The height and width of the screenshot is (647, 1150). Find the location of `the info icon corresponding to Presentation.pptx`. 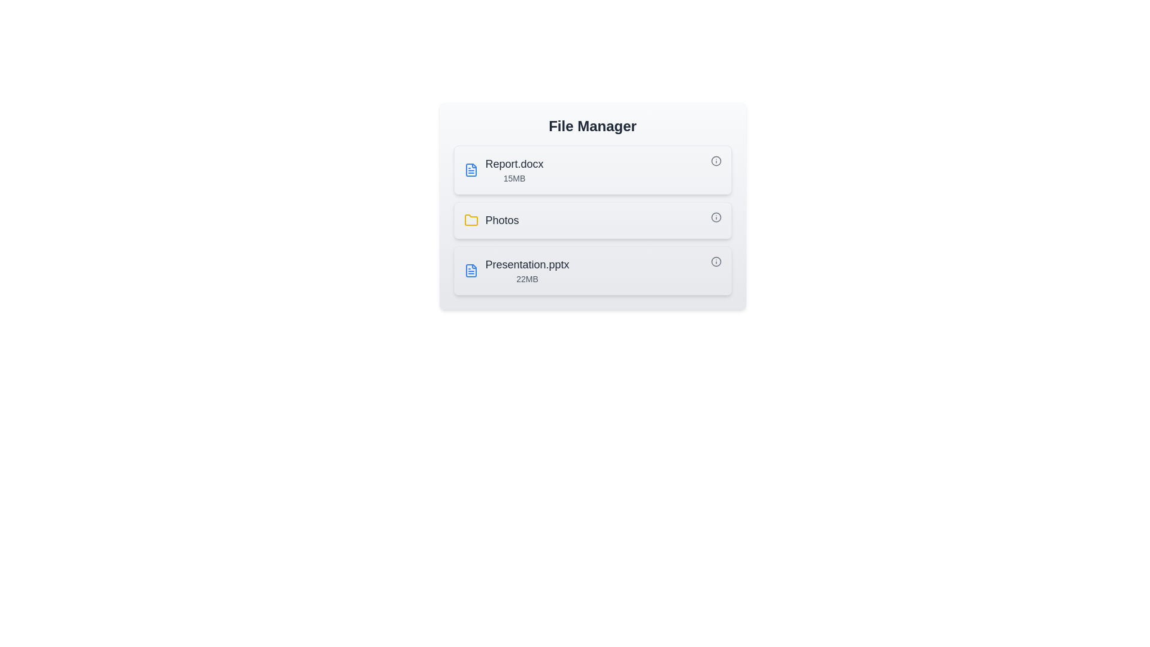

the info icon corresponding to Presentation.pptx is located at coordinates (716, 261).